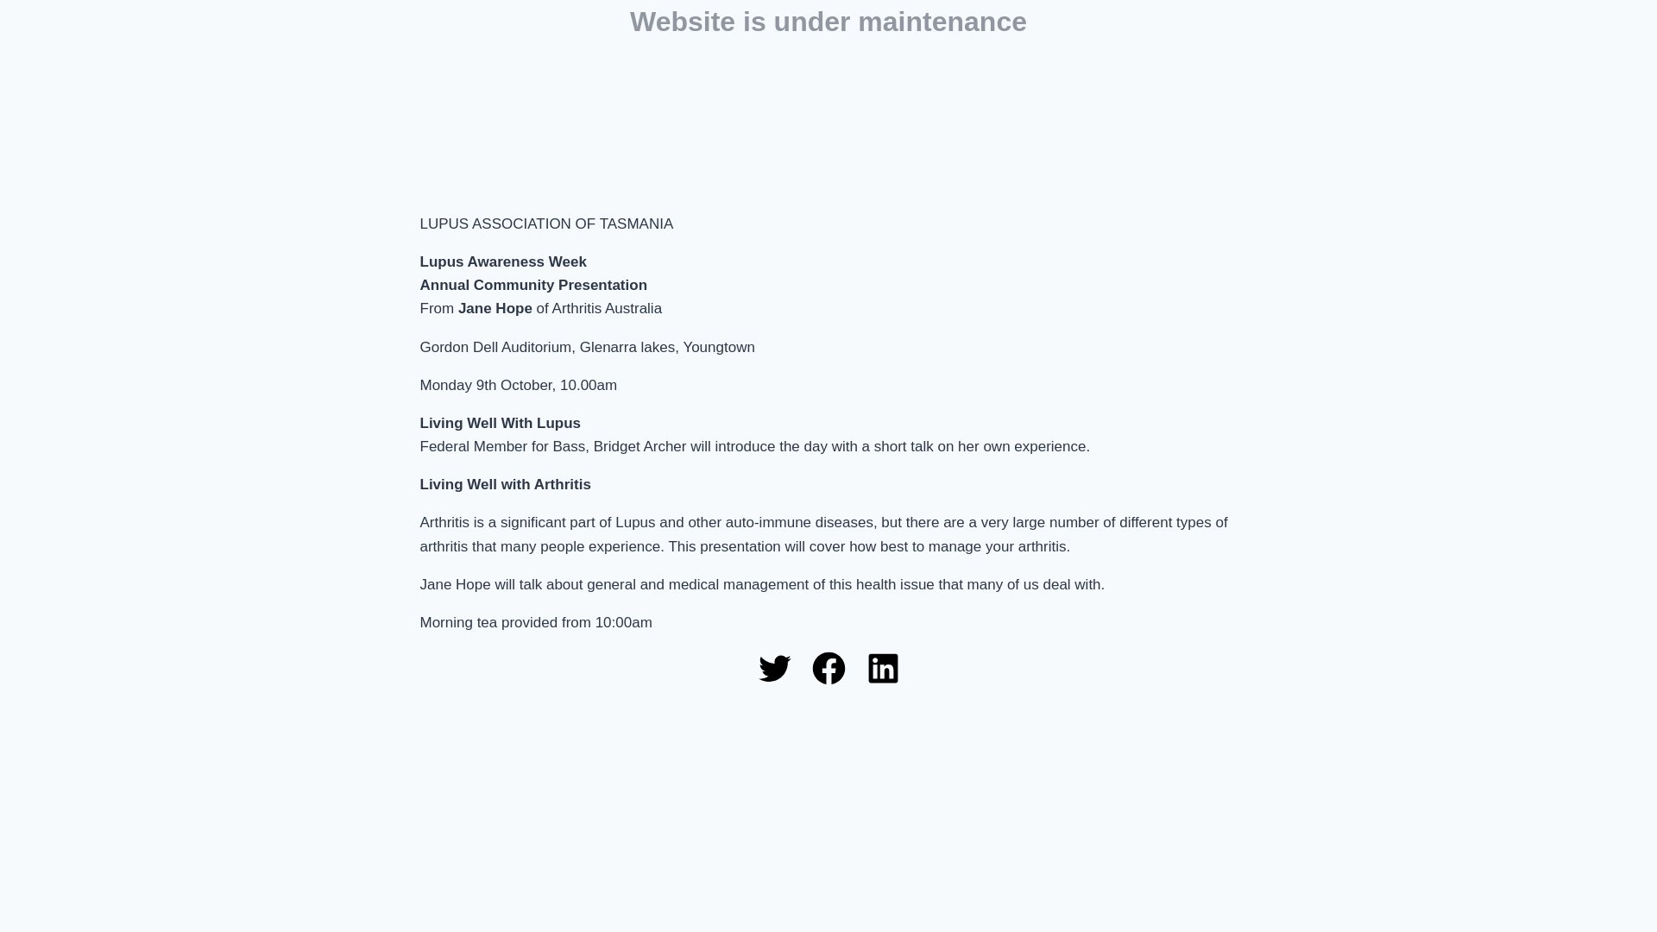 The image size is (1657, 932). I want to click on 'LinkedIn', so click(882, 667).